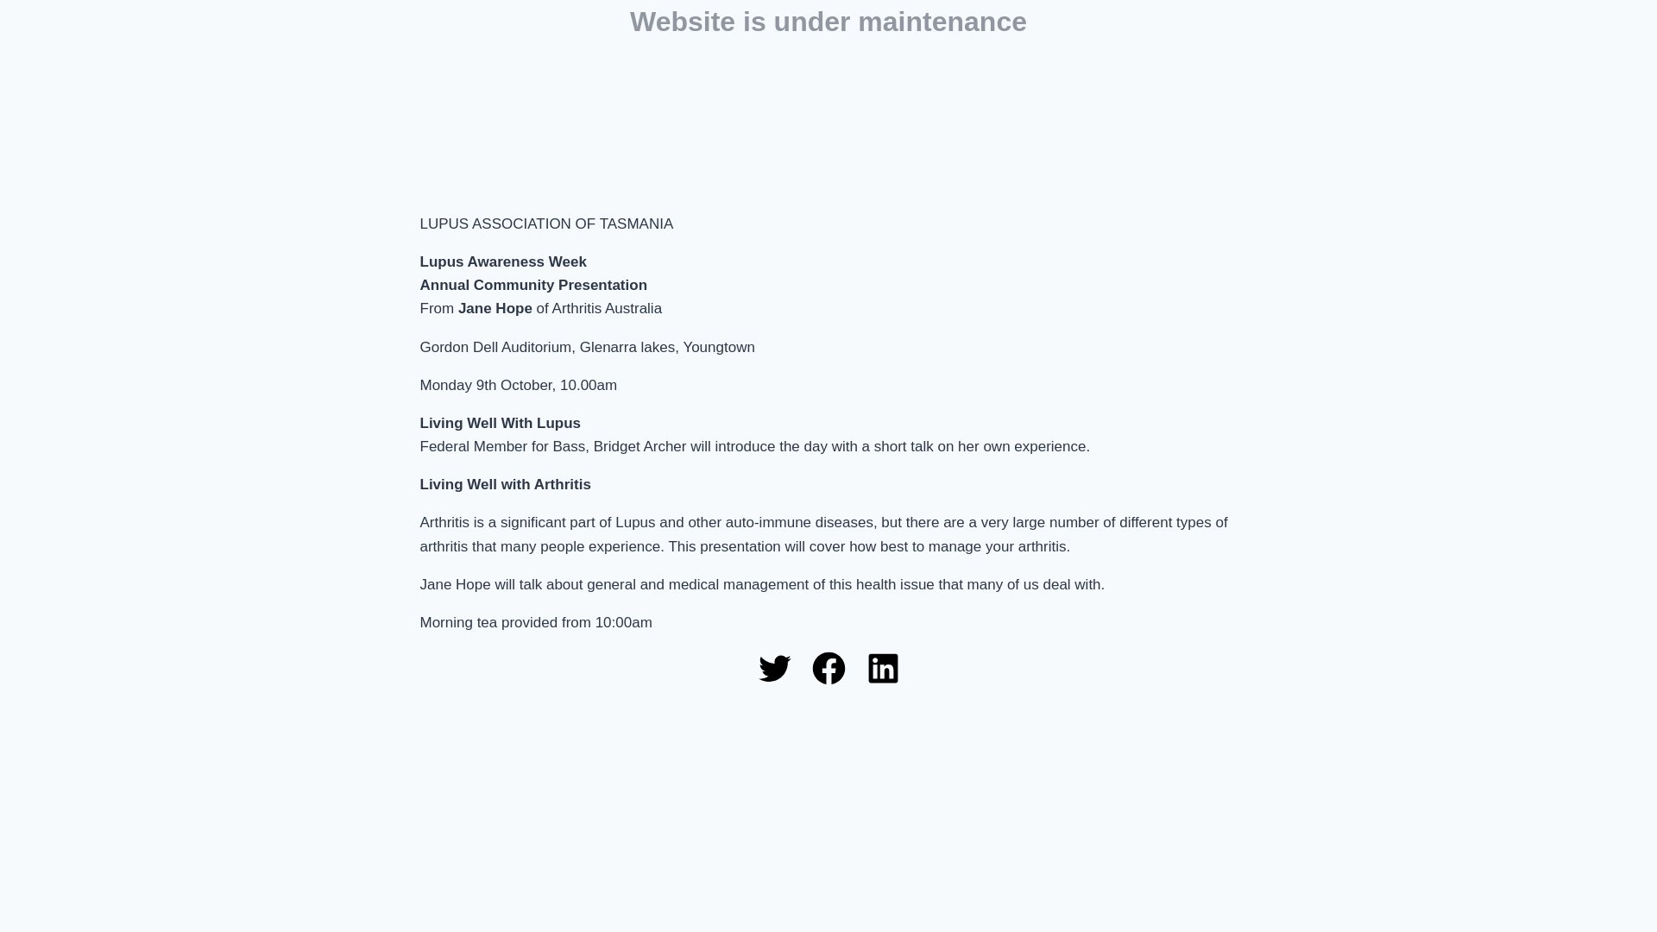 The image size is (1657, 932). I want to click on 'LinkedIn', so click(882, 667).